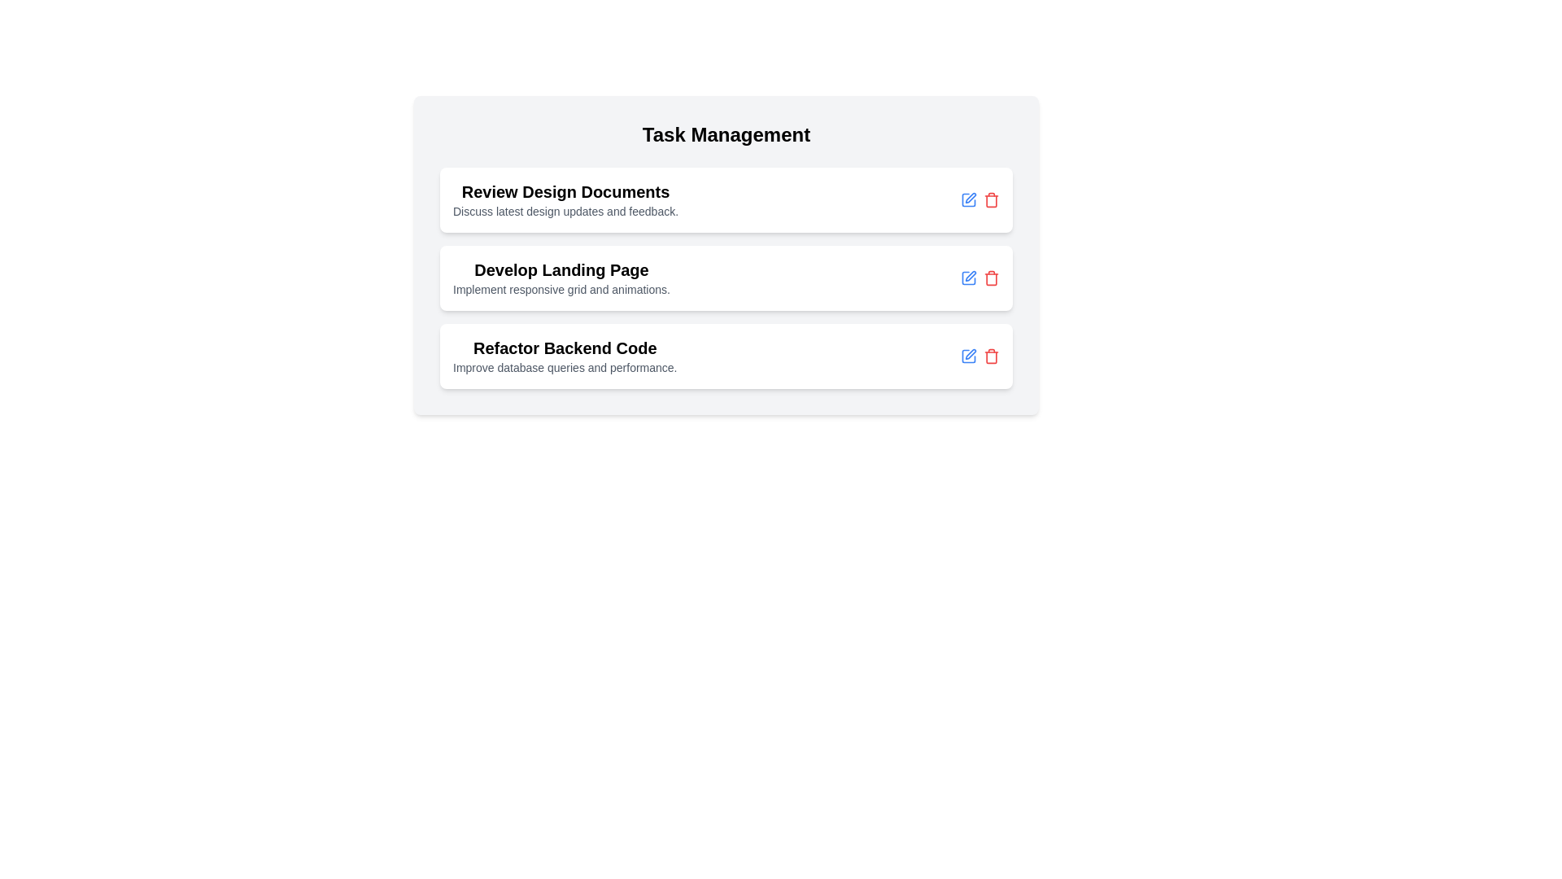 The width and height of the screenshot is (1562, 879). What do you see at coordinates (561, 278) in the screenshot?
I see `the Text element displaying the title 'Develop Landing Page' and the subtitle 'Implement responsive grid and animations.' located in the Task Management section` at bounding box center [561, 278].